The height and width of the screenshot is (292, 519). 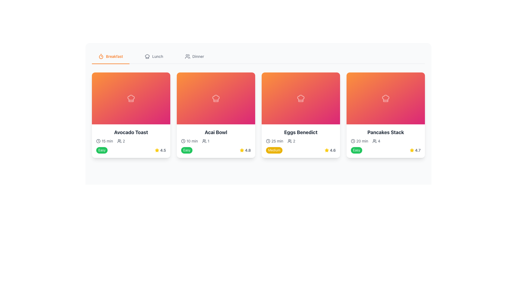 I want to click on displayed information from the text with icon located below the title 'Pancakes Stack' in the fourth card from the left, so click(x=376, y=141).